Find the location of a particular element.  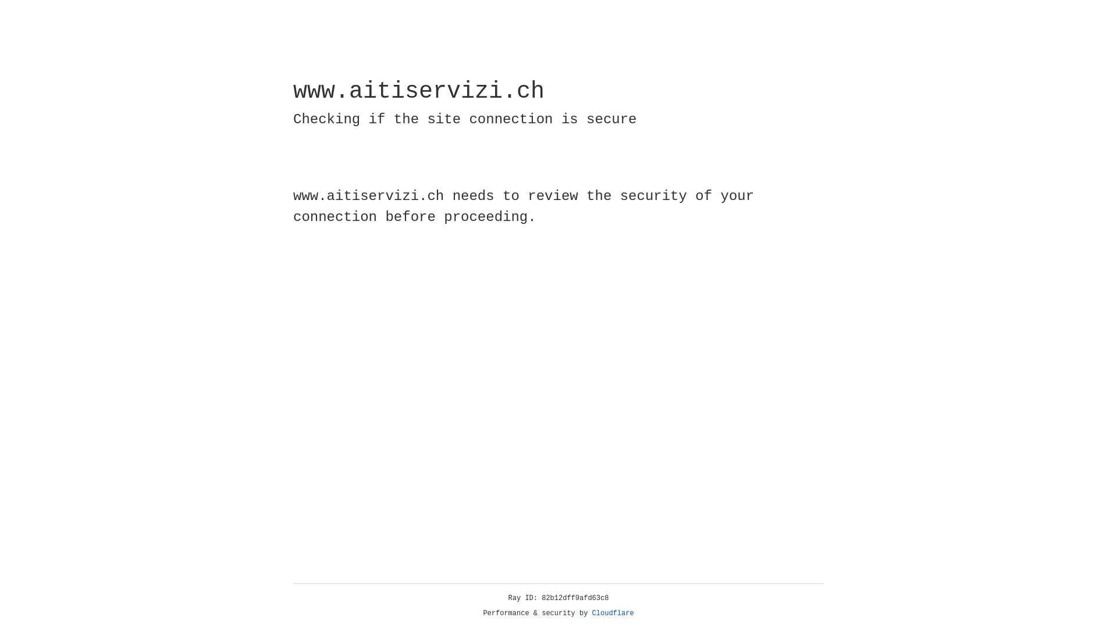

'Cloudflare' is located at coordinates (613, 613).